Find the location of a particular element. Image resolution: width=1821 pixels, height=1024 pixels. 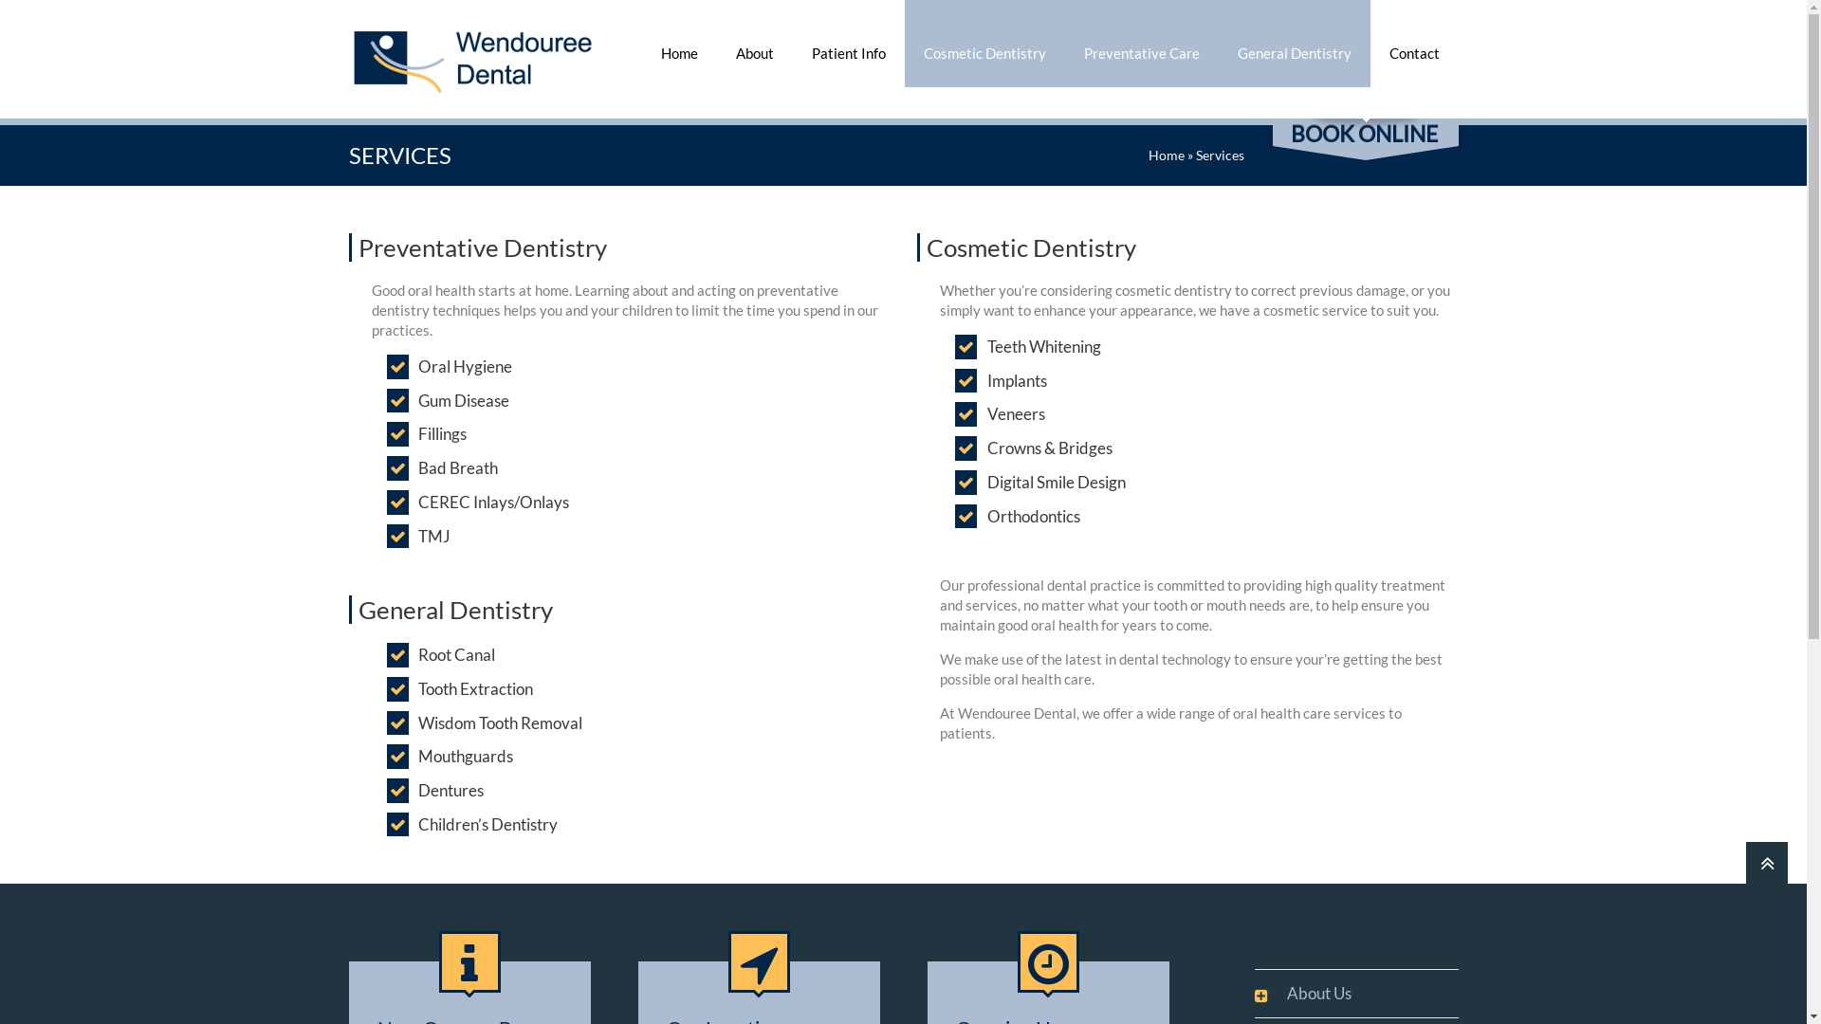

'Wisdom Tooth Removal' is located at coordinates (500, 723).